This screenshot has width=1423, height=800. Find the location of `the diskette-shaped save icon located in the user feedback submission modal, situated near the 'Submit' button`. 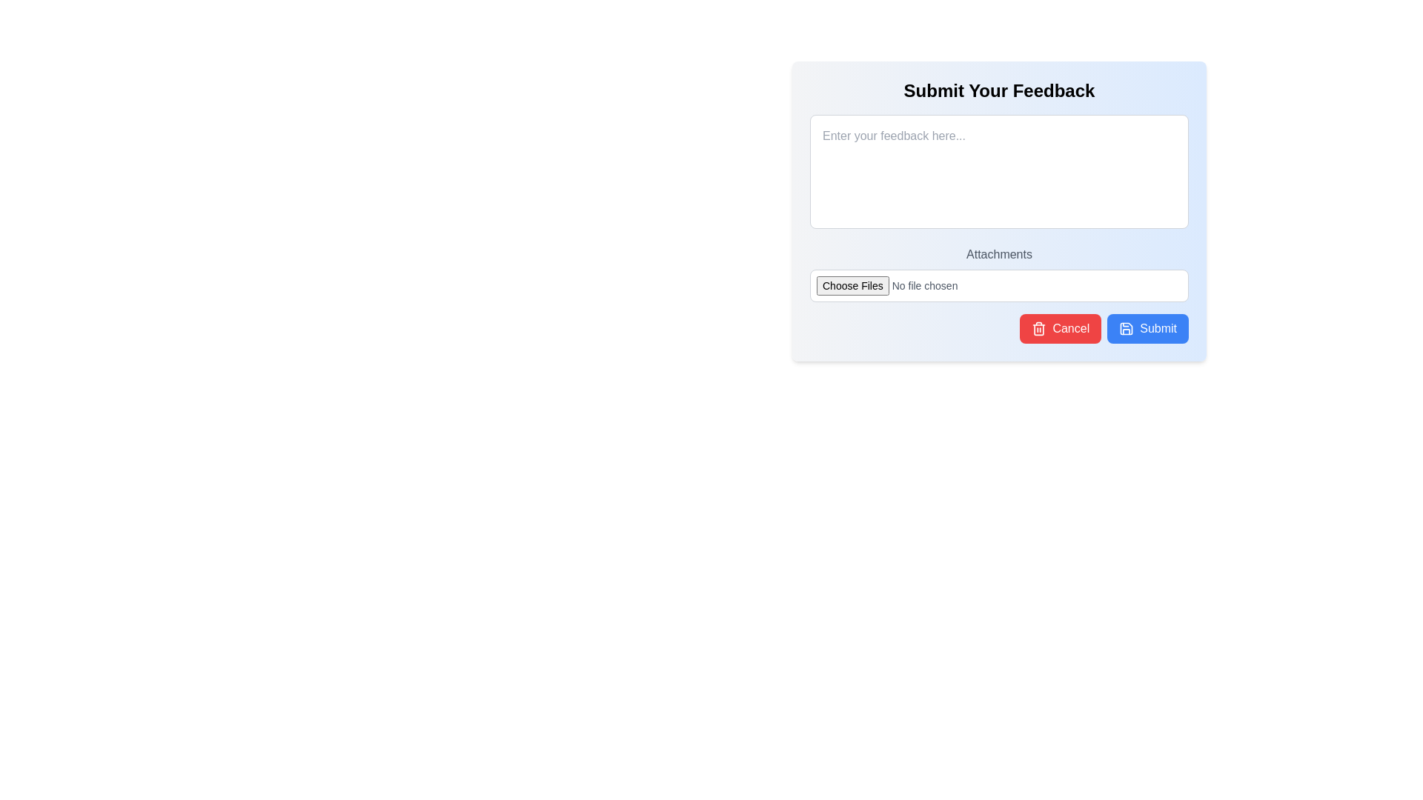

the diskette-shaped save icon located in the user feedback submission modal, situated near the 'Submit' button is located at coordinates (1127, 327).